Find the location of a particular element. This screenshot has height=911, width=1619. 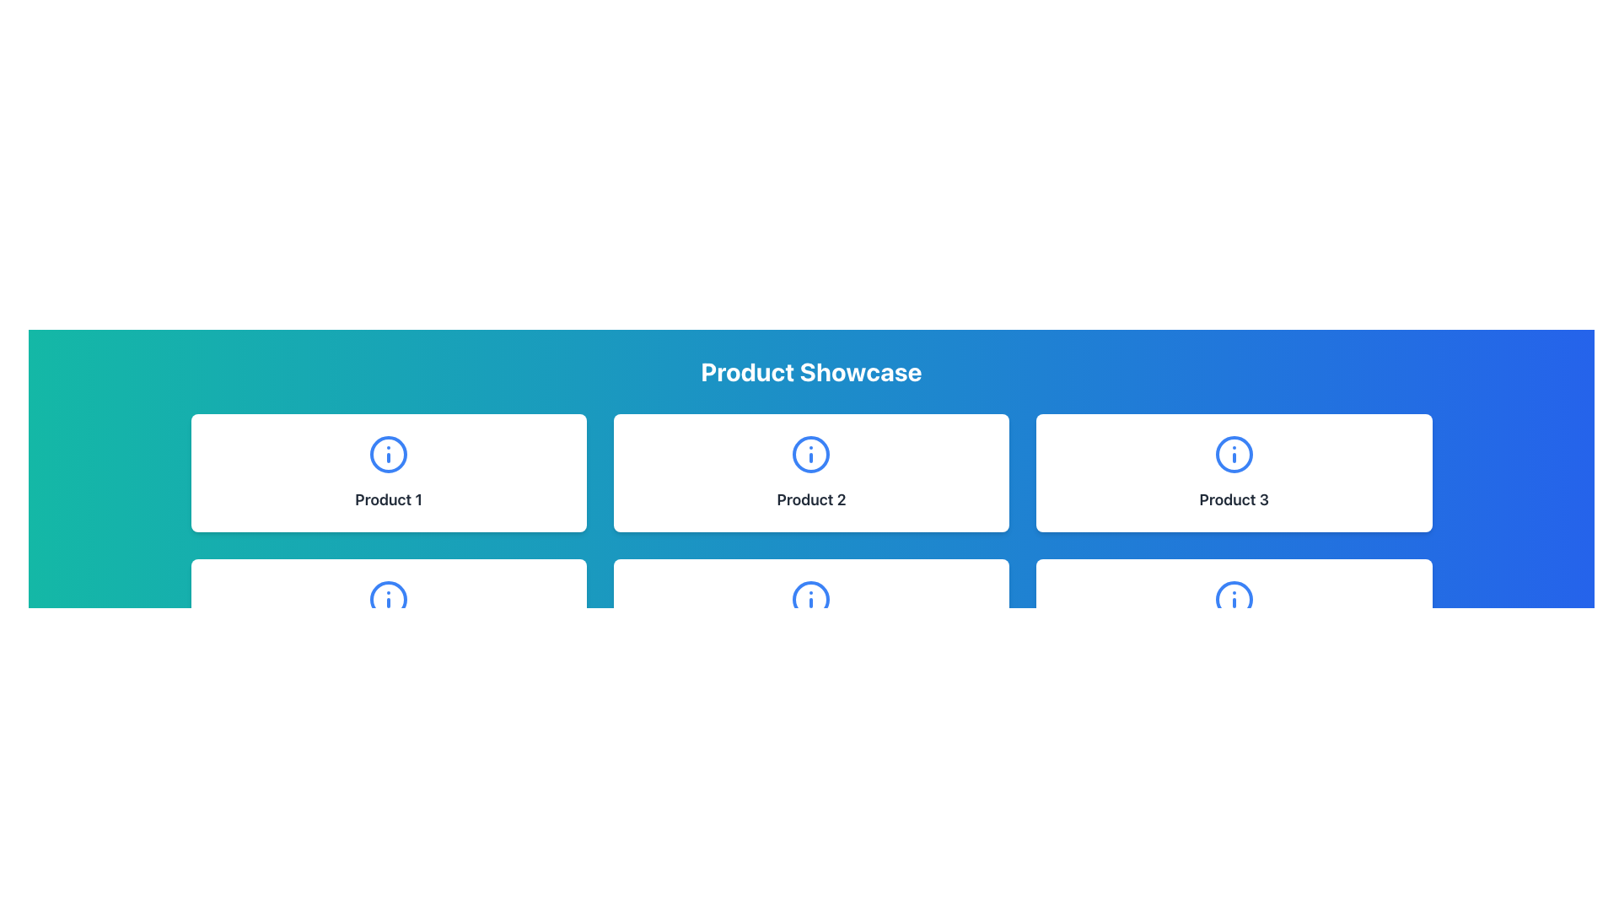

the Static Text element that serves as a title or header for the page, indicating the content below showcases products is located at coordinates (811, 370).